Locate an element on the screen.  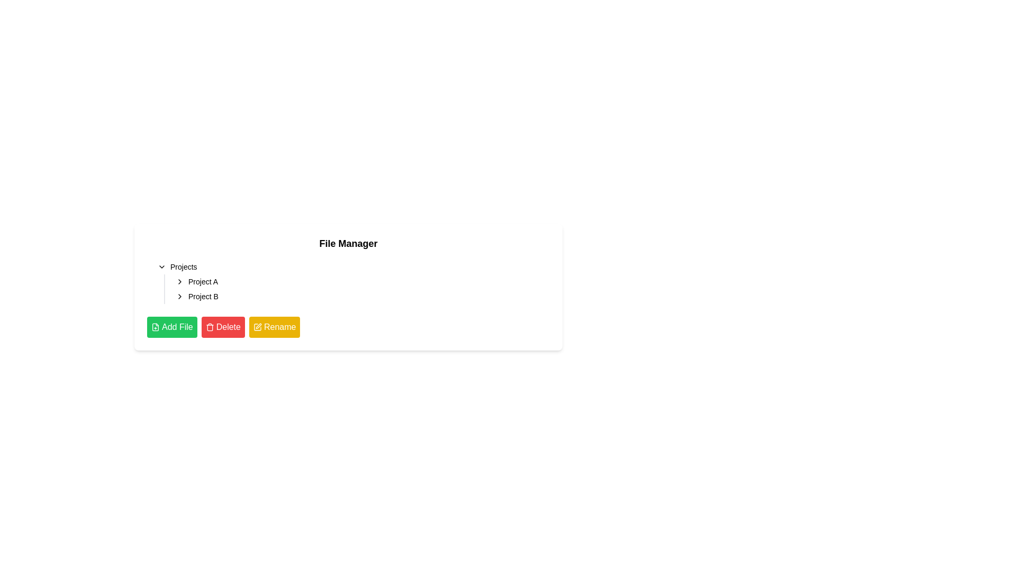
the green button with rounded edges labeled 'Add File' is located at coordinates (172, 326).